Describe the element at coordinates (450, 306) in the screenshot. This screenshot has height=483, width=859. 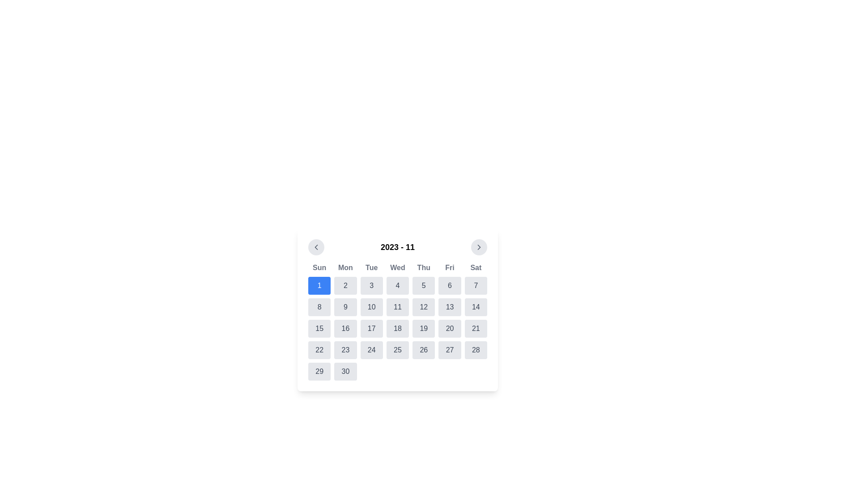
I see `the button labeled '13' which has a light gray background and is located in the third row and sixth column of the grid layout` at that location.